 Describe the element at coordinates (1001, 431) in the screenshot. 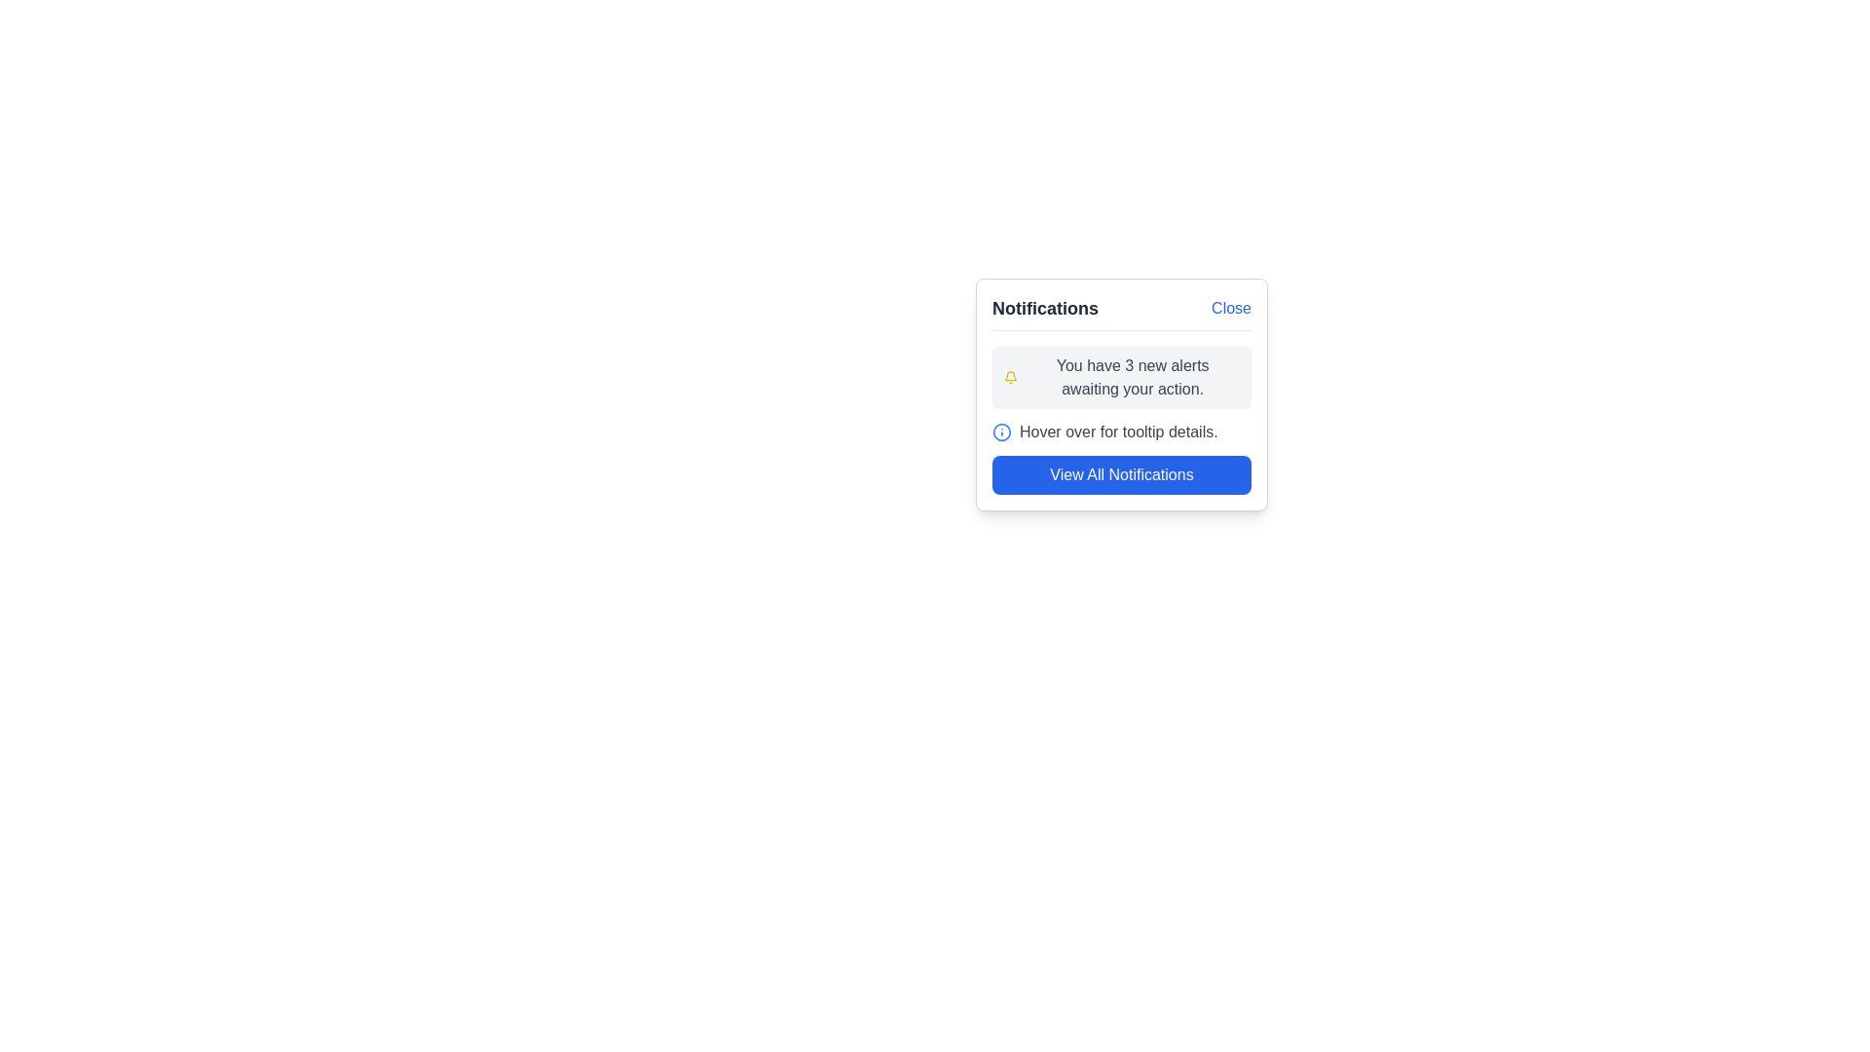

I see `the icon in the second item of the notification list, located next to the descriptive text 'Hover over for tooltip details.'` at that location.